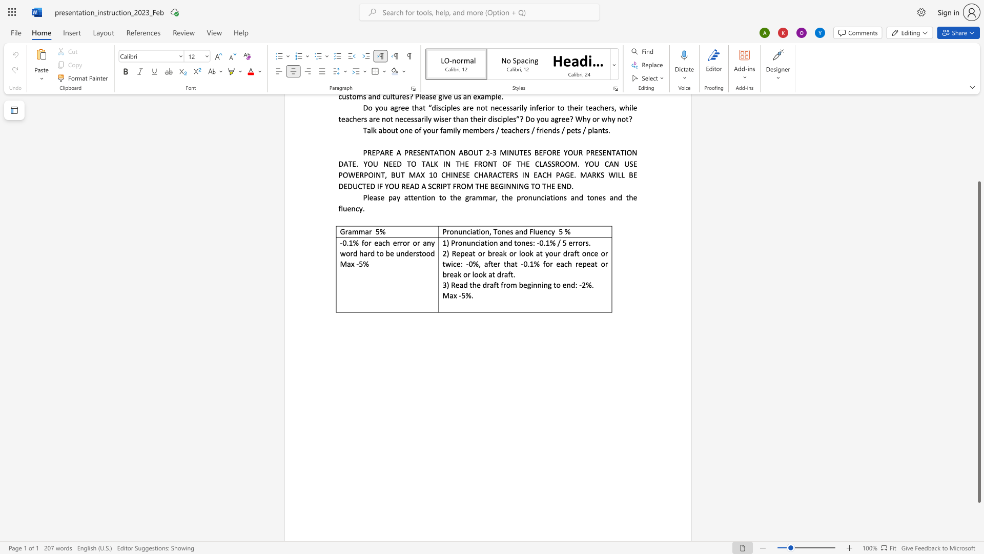 The width and height of the screenshot is (984, 554). What do you see at coordinates (978, 117) in the screenshot?
I see `the scrollbar to scroll the page up` at bounding box center [978, 117].